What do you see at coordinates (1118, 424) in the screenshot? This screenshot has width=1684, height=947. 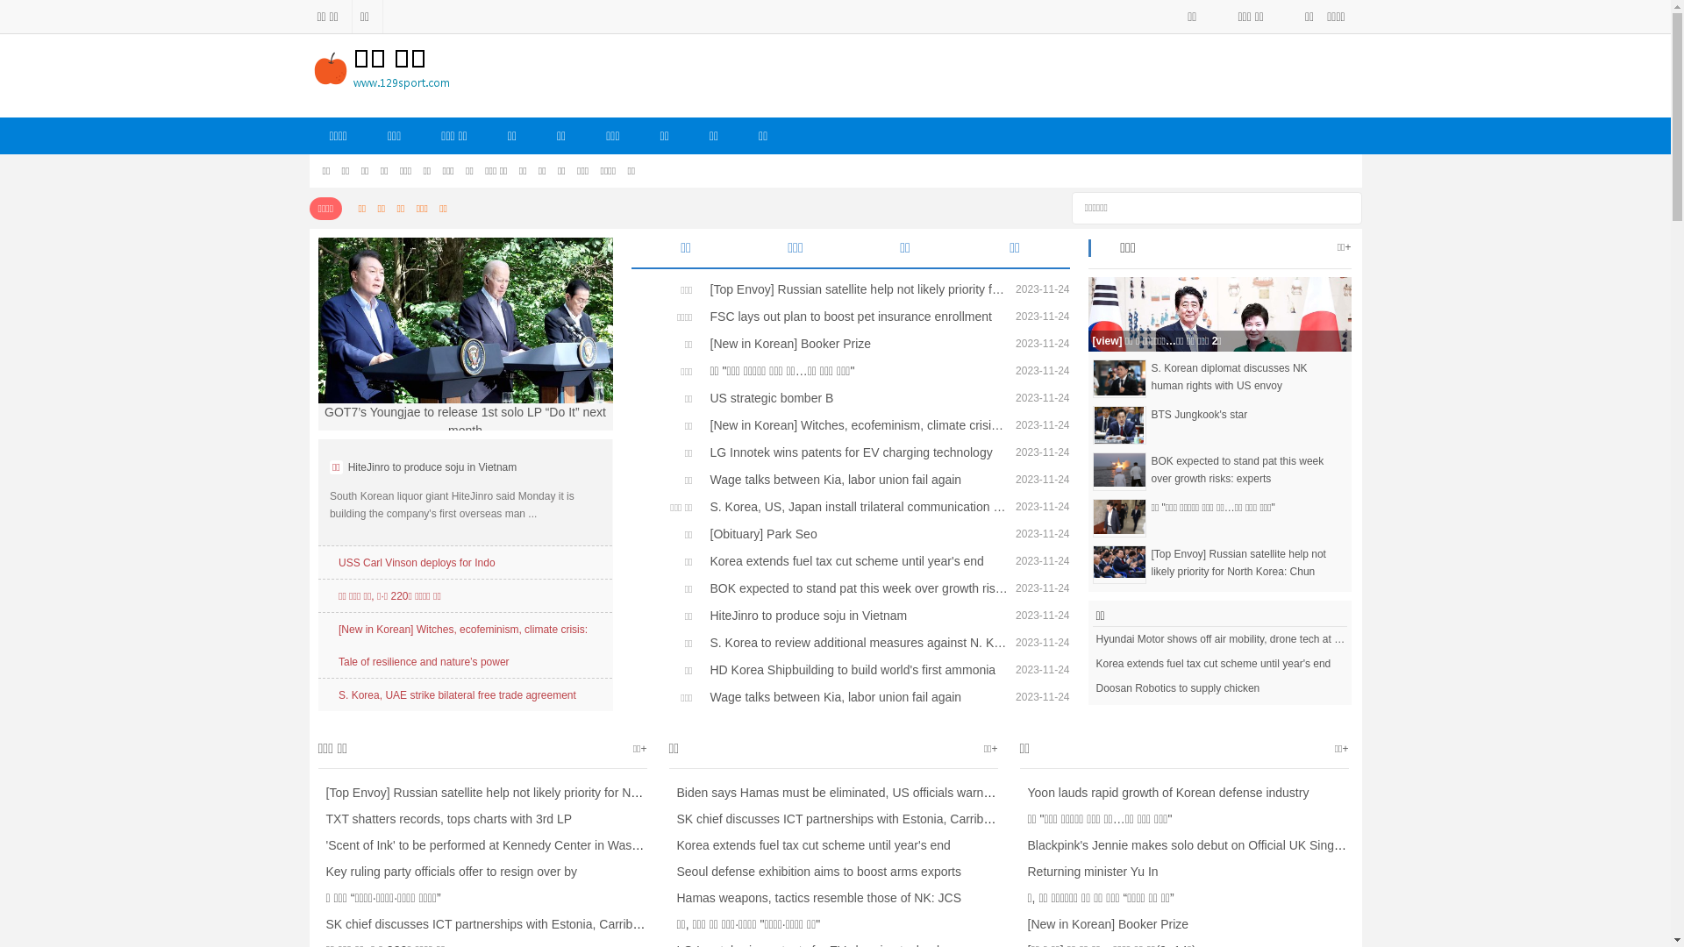 I see `'BTS Jungkook'` at bounding box center [1118, 424].